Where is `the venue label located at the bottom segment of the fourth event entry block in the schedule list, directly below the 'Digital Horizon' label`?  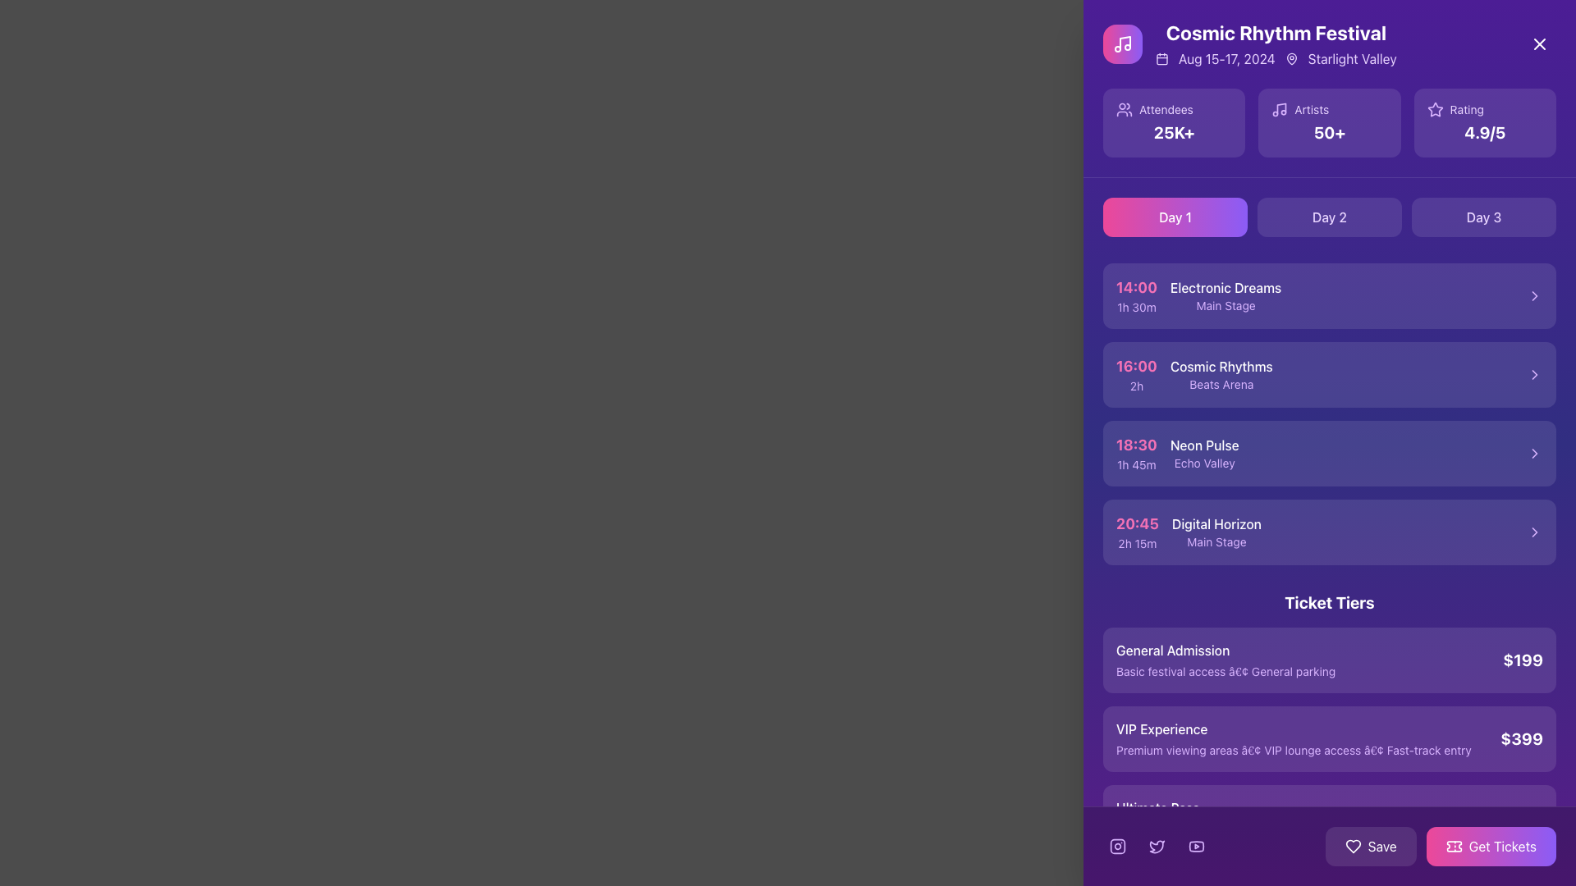
the venue label located at the bottom segment of the fourth event entry block in the schedule list, directly below the 'Digital Horizon' label is located at coordinates (1216, 541).